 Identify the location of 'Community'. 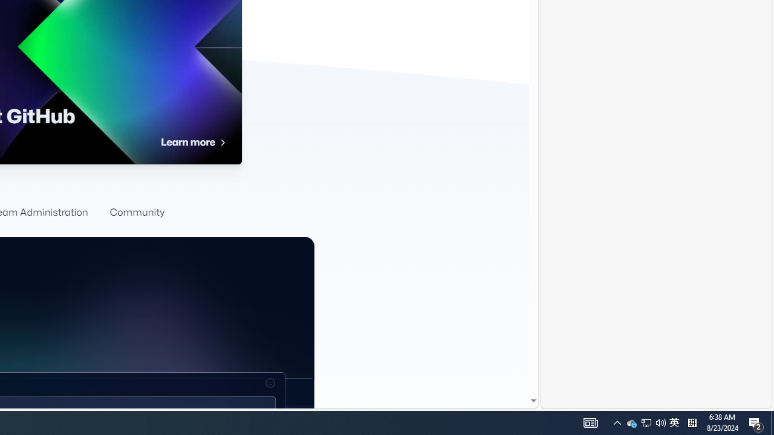
(137, 212).